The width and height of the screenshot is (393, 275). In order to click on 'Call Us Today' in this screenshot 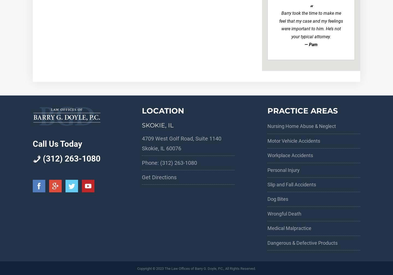, I will do `click(57, 144)`.